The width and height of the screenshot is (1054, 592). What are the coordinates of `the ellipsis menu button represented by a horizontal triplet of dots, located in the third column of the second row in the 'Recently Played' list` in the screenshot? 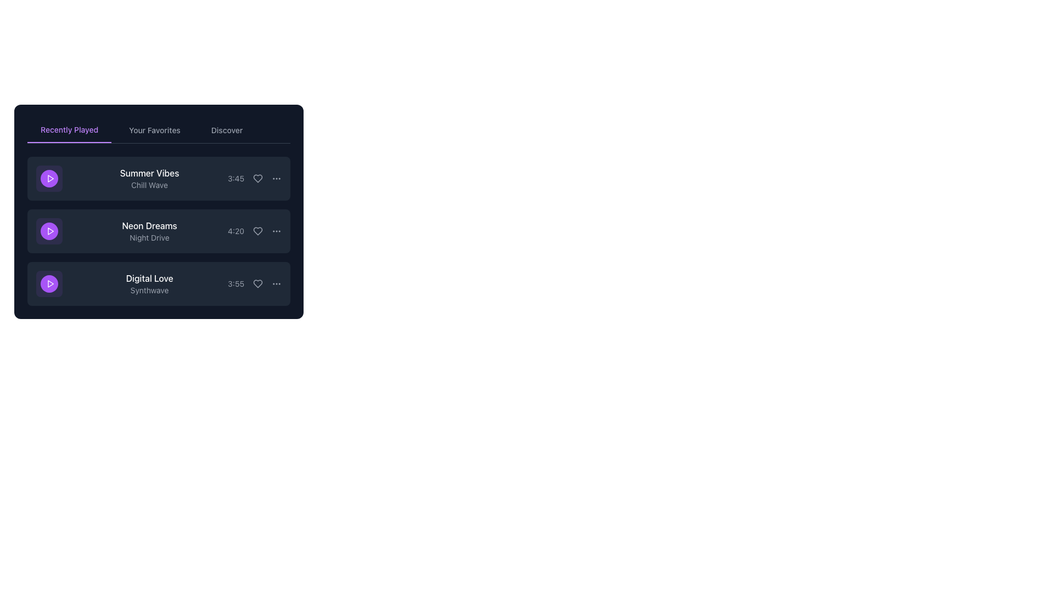 It's located at (277, 230).